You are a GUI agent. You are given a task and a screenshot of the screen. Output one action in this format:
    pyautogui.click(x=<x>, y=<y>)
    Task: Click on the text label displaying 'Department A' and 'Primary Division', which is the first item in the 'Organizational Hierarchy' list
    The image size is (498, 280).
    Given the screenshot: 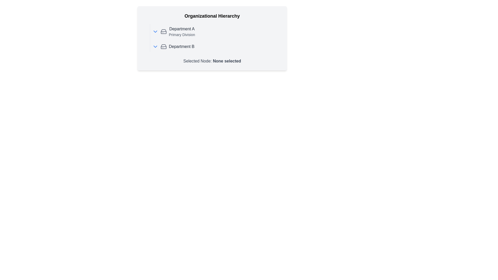 What is the action you would take?
    pyautogui.click(x=182, y=32)
    